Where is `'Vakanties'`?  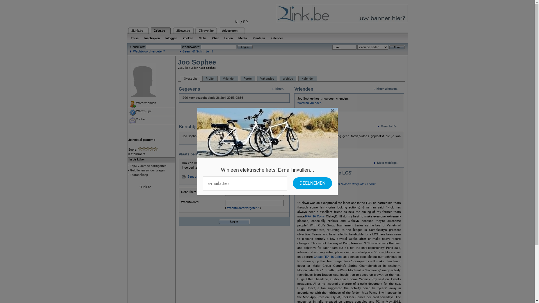
'Vakanties' is located at coordinates (267, 79).